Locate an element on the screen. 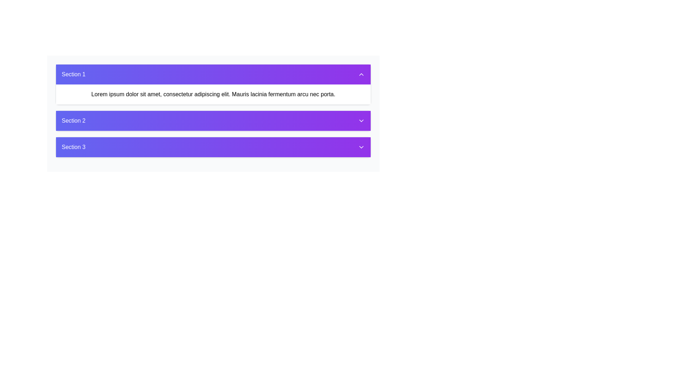  the section title is located at coordinates (73, 120).